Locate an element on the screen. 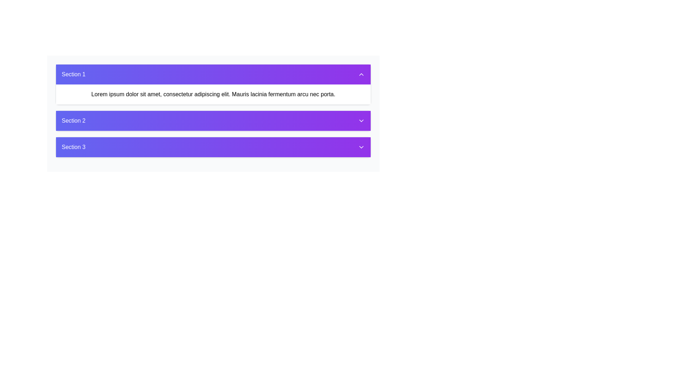  the section title is located at coordinates (73, 120).